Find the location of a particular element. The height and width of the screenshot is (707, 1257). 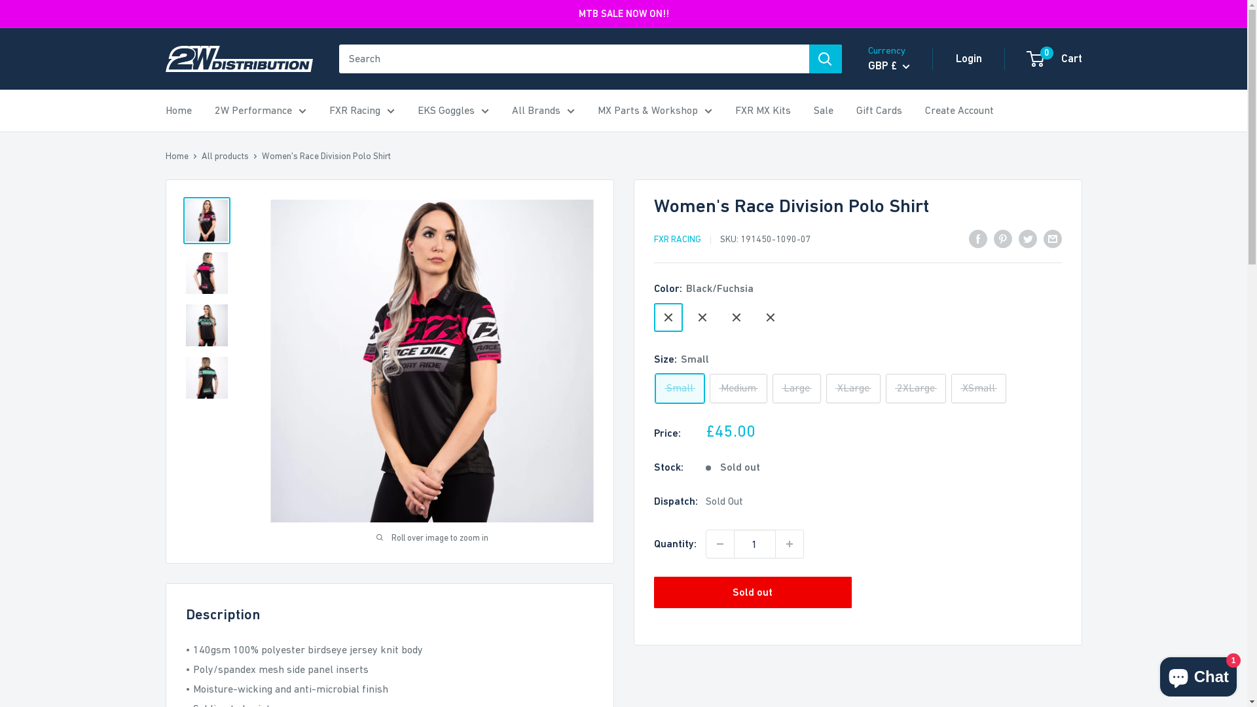

'CHF' is located at coordinates (905, 179).